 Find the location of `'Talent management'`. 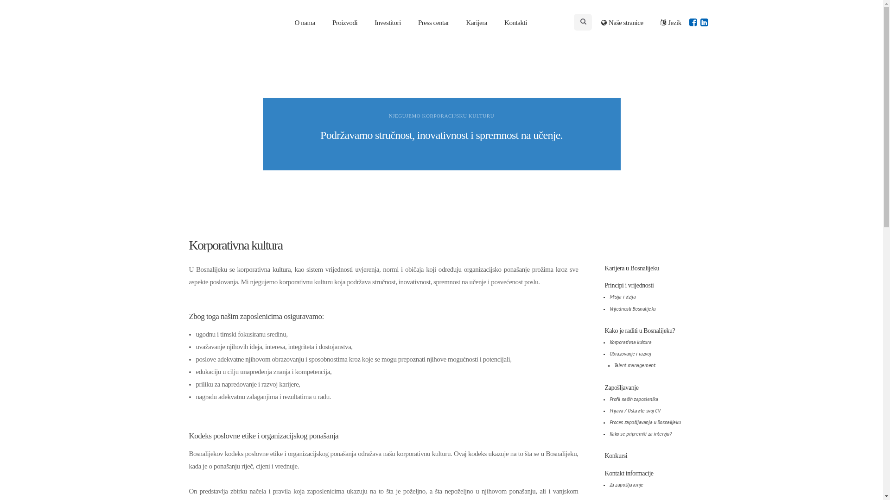

'Talent management' is located at coordinates (634, 365).